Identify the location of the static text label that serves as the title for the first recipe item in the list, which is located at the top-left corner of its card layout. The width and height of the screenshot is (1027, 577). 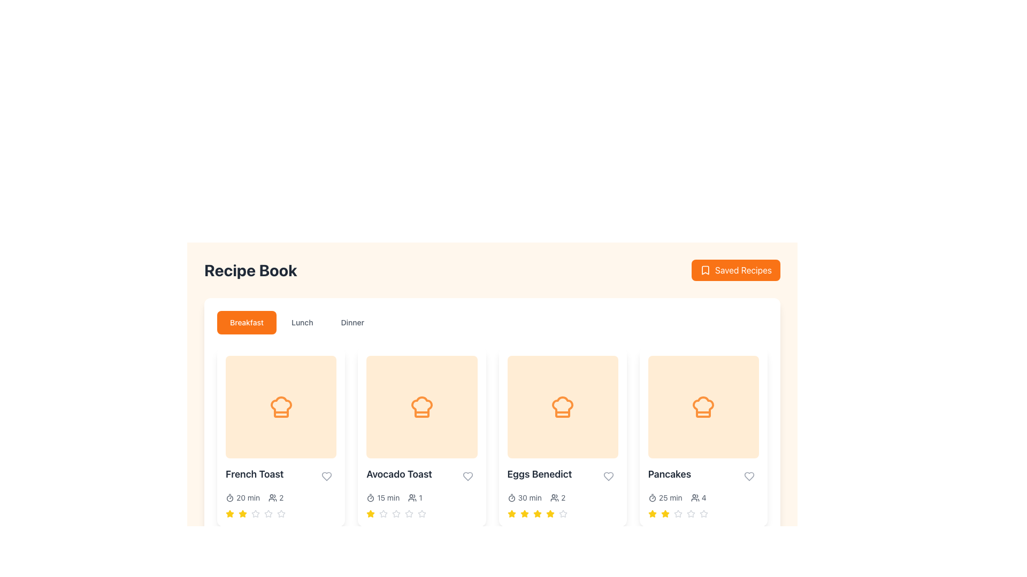
(254, 473).